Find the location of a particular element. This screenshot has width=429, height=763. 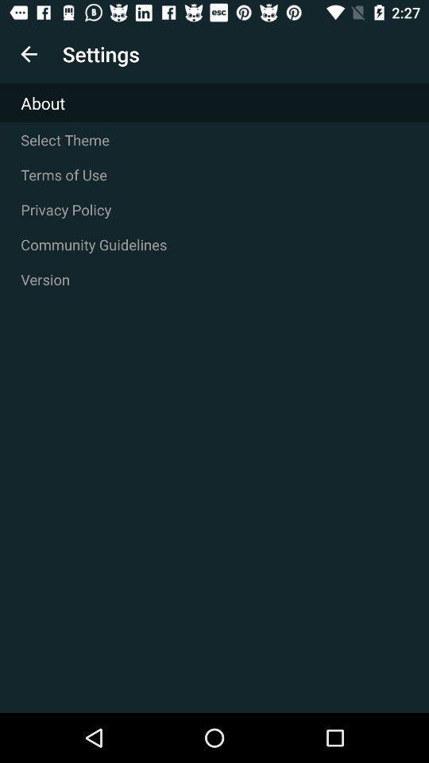

community guidelines is located at coordinates (214, 244).